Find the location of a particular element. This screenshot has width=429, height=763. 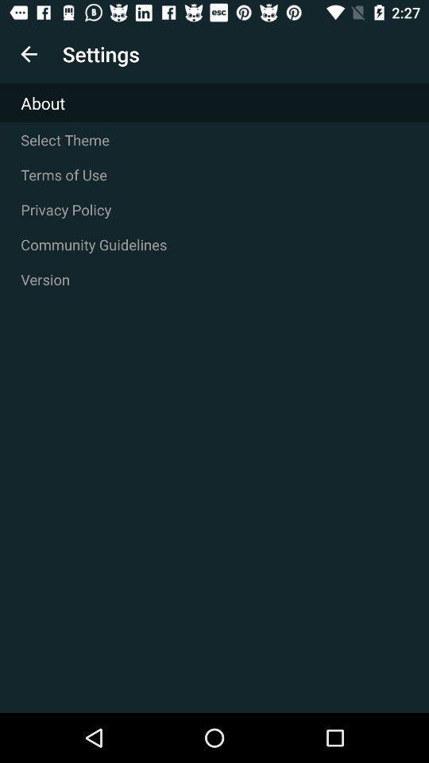

community guidelines is located at coordinates (214, 244).